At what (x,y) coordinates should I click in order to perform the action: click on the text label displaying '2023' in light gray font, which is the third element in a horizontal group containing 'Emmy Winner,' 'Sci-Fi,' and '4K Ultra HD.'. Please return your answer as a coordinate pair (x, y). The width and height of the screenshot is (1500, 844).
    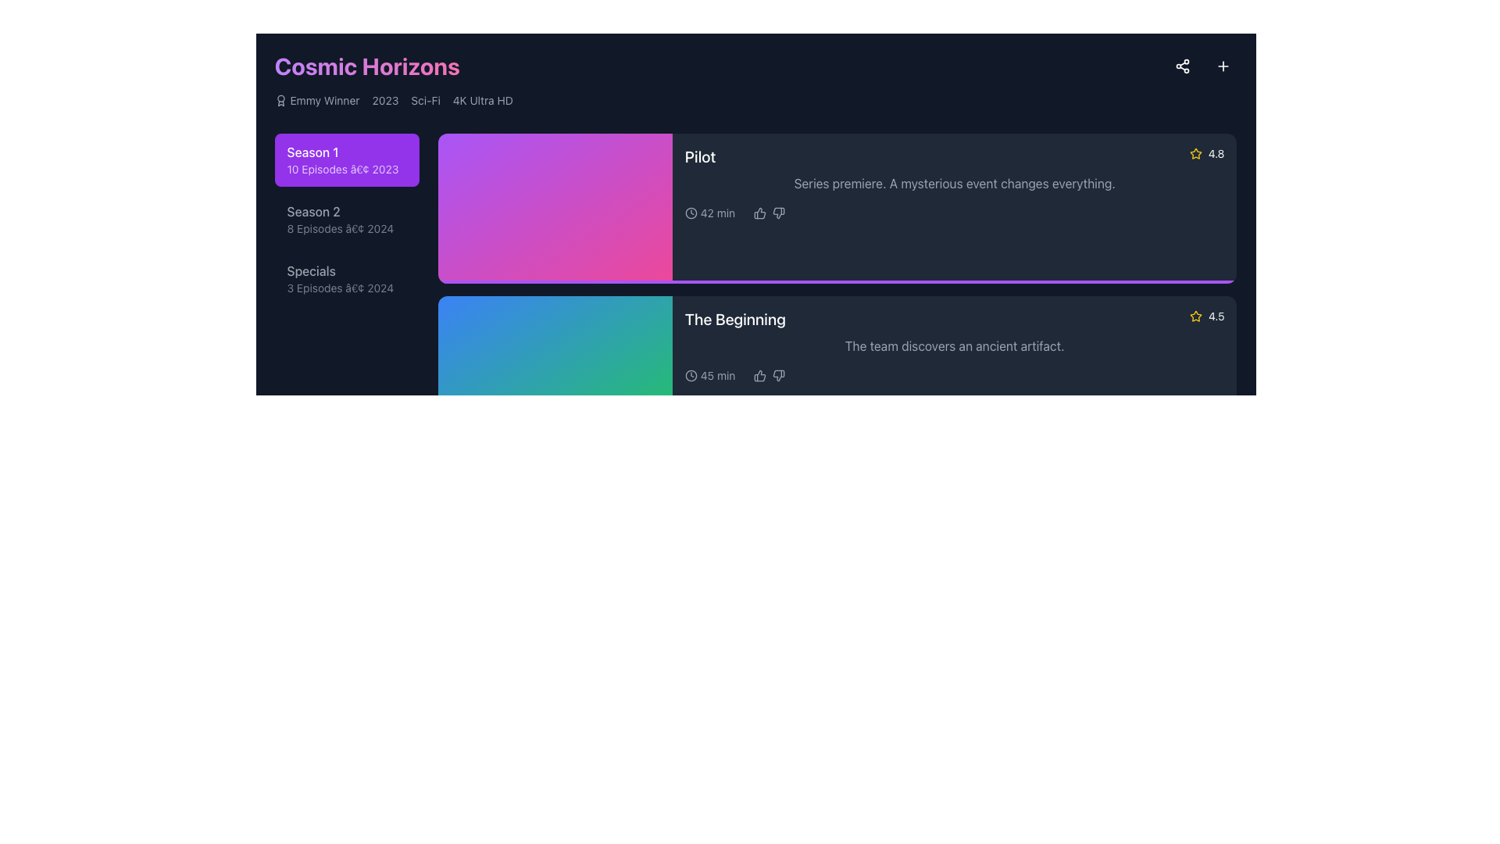
    Looking at the image, I should click on (385, 100).